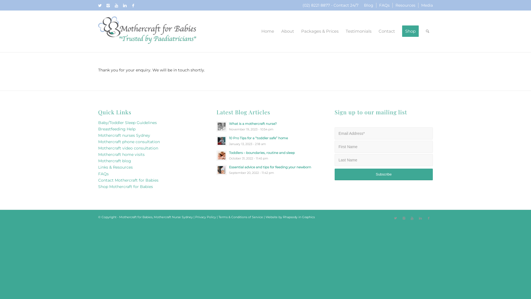 This screenshot has width=531, height=299. Describe the element at coordinates (410, 31) in the screenshot. I see `'Shop'` at that location.